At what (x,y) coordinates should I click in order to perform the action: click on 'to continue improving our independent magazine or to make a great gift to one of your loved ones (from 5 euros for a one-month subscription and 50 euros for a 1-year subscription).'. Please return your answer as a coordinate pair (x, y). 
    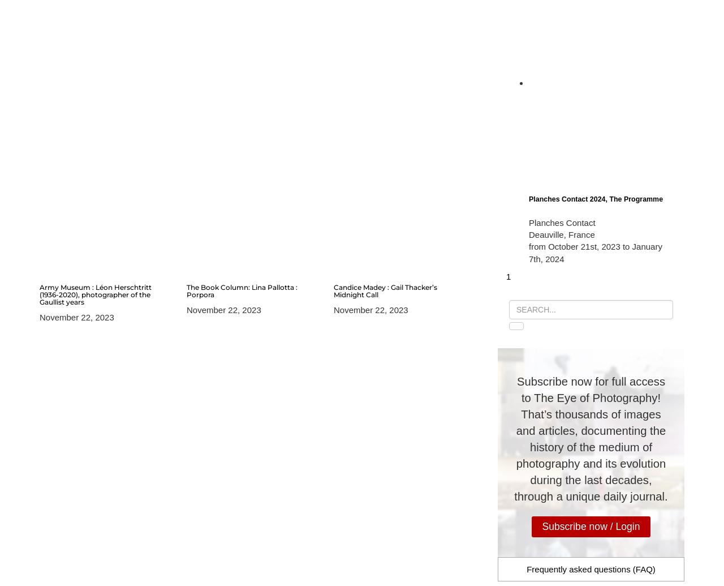
    Looking at the image, I should click on (589, 487).